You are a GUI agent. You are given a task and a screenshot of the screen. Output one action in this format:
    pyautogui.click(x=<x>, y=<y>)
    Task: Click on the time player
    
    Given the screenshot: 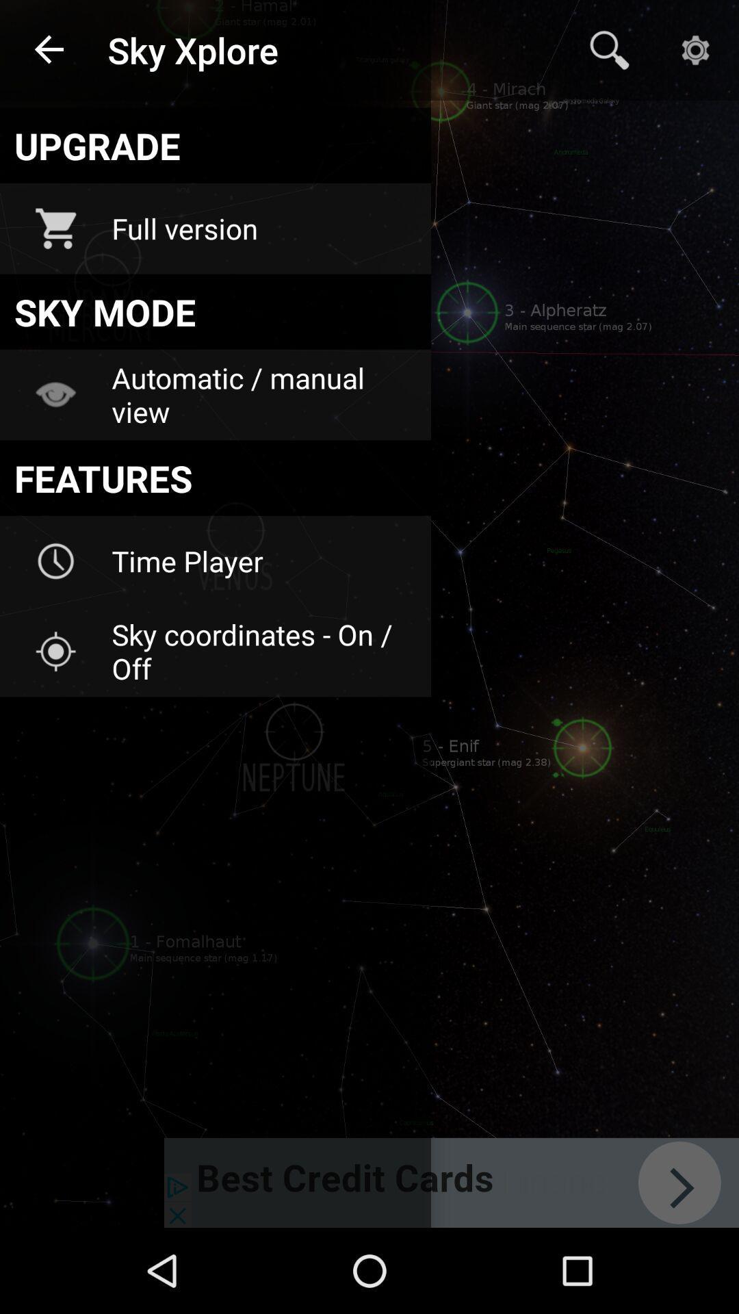 What is the action you would take?
    pyautogui.click(x=262, y=561)
    